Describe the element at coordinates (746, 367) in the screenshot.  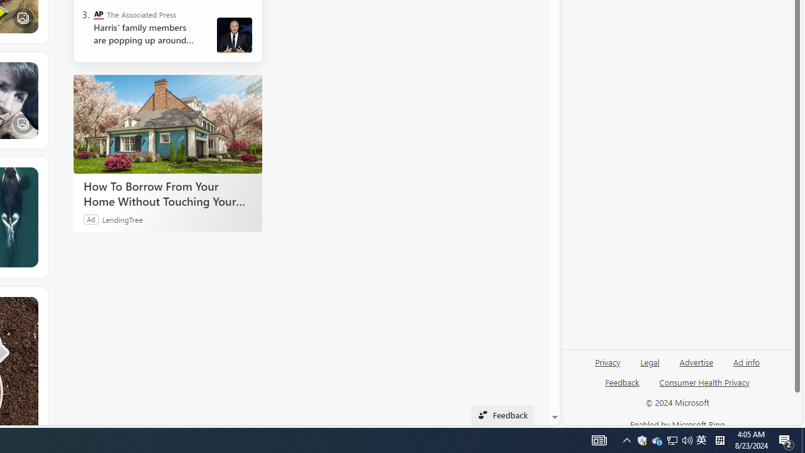
I see `'Ad info'` at that location.